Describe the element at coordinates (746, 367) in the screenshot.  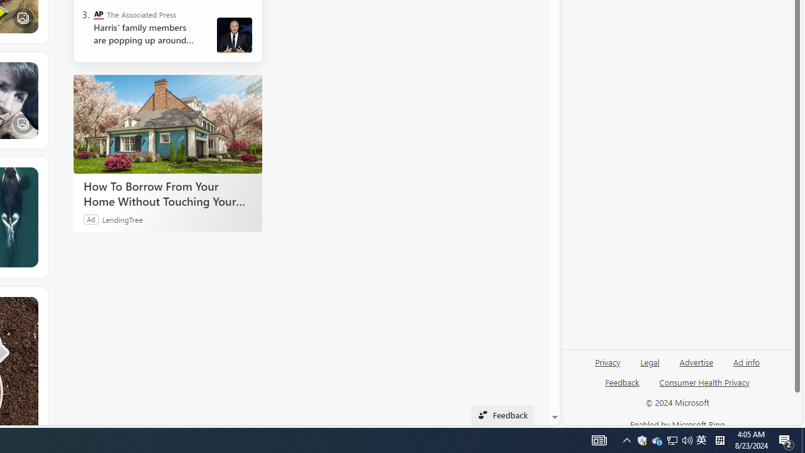
I see `'Ad info'` at that location.